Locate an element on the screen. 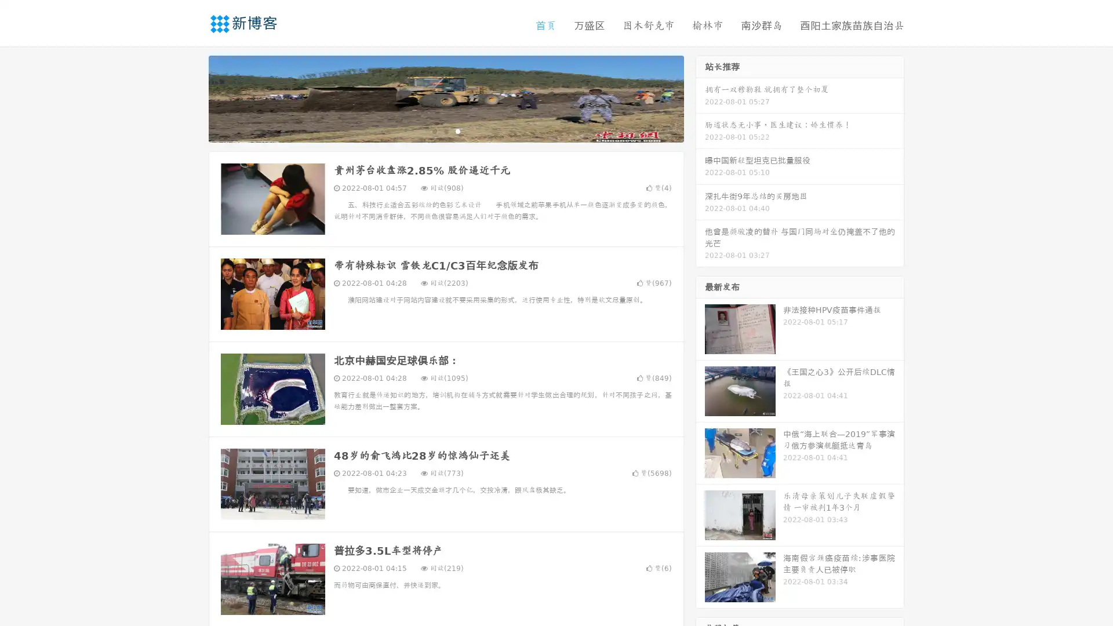  Previous slide is located at coordinates (191, 97).